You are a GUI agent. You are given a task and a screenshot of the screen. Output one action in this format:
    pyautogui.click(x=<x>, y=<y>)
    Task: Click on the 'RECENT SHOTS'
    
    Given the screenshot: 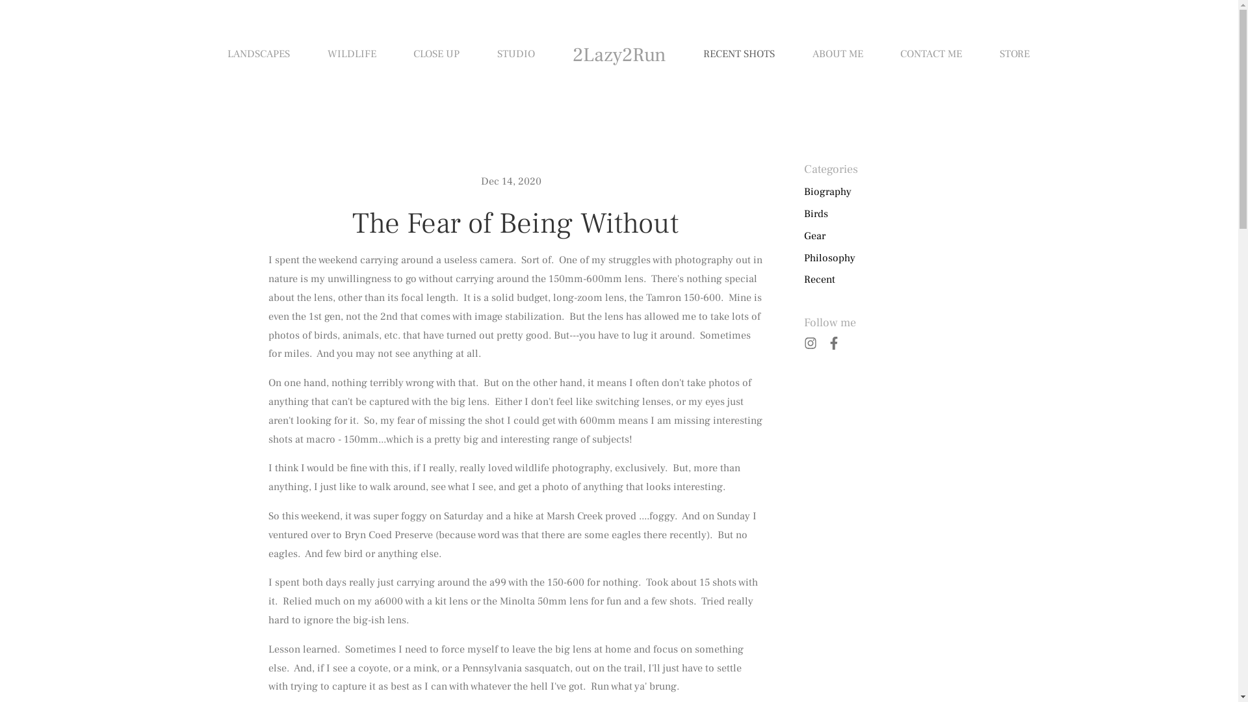 What is the action you would take?
    pyautogui.click(x=739, y=54)
    